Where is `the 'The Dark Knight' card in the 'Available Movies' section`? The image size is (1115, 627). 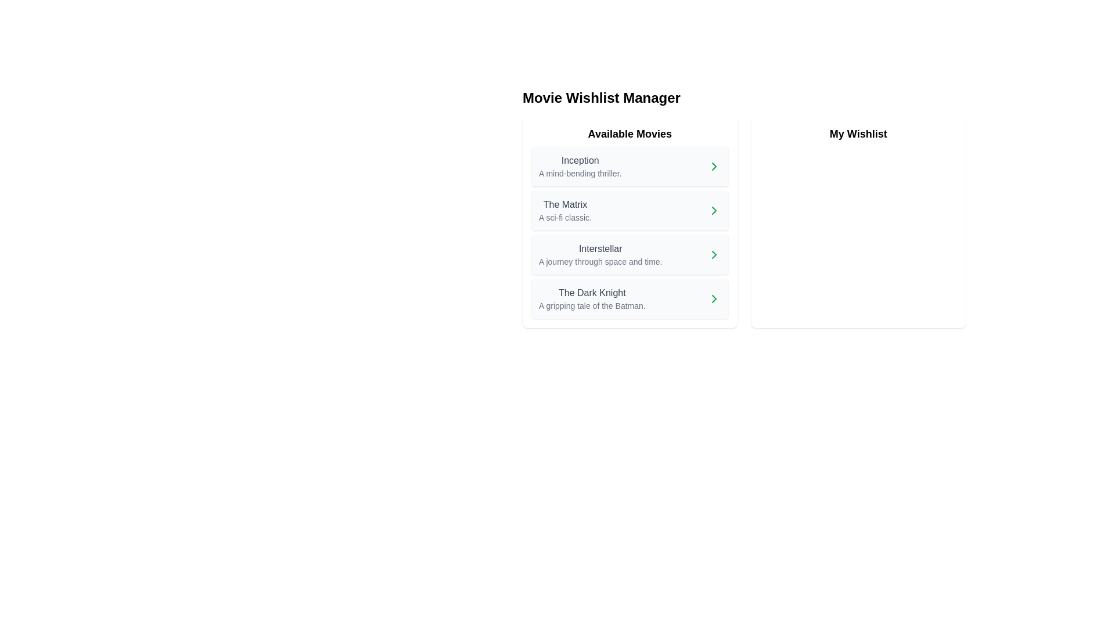
the 'The Dark Knight' card in the 'Available Movies' section is located at coordinates (629, 298).